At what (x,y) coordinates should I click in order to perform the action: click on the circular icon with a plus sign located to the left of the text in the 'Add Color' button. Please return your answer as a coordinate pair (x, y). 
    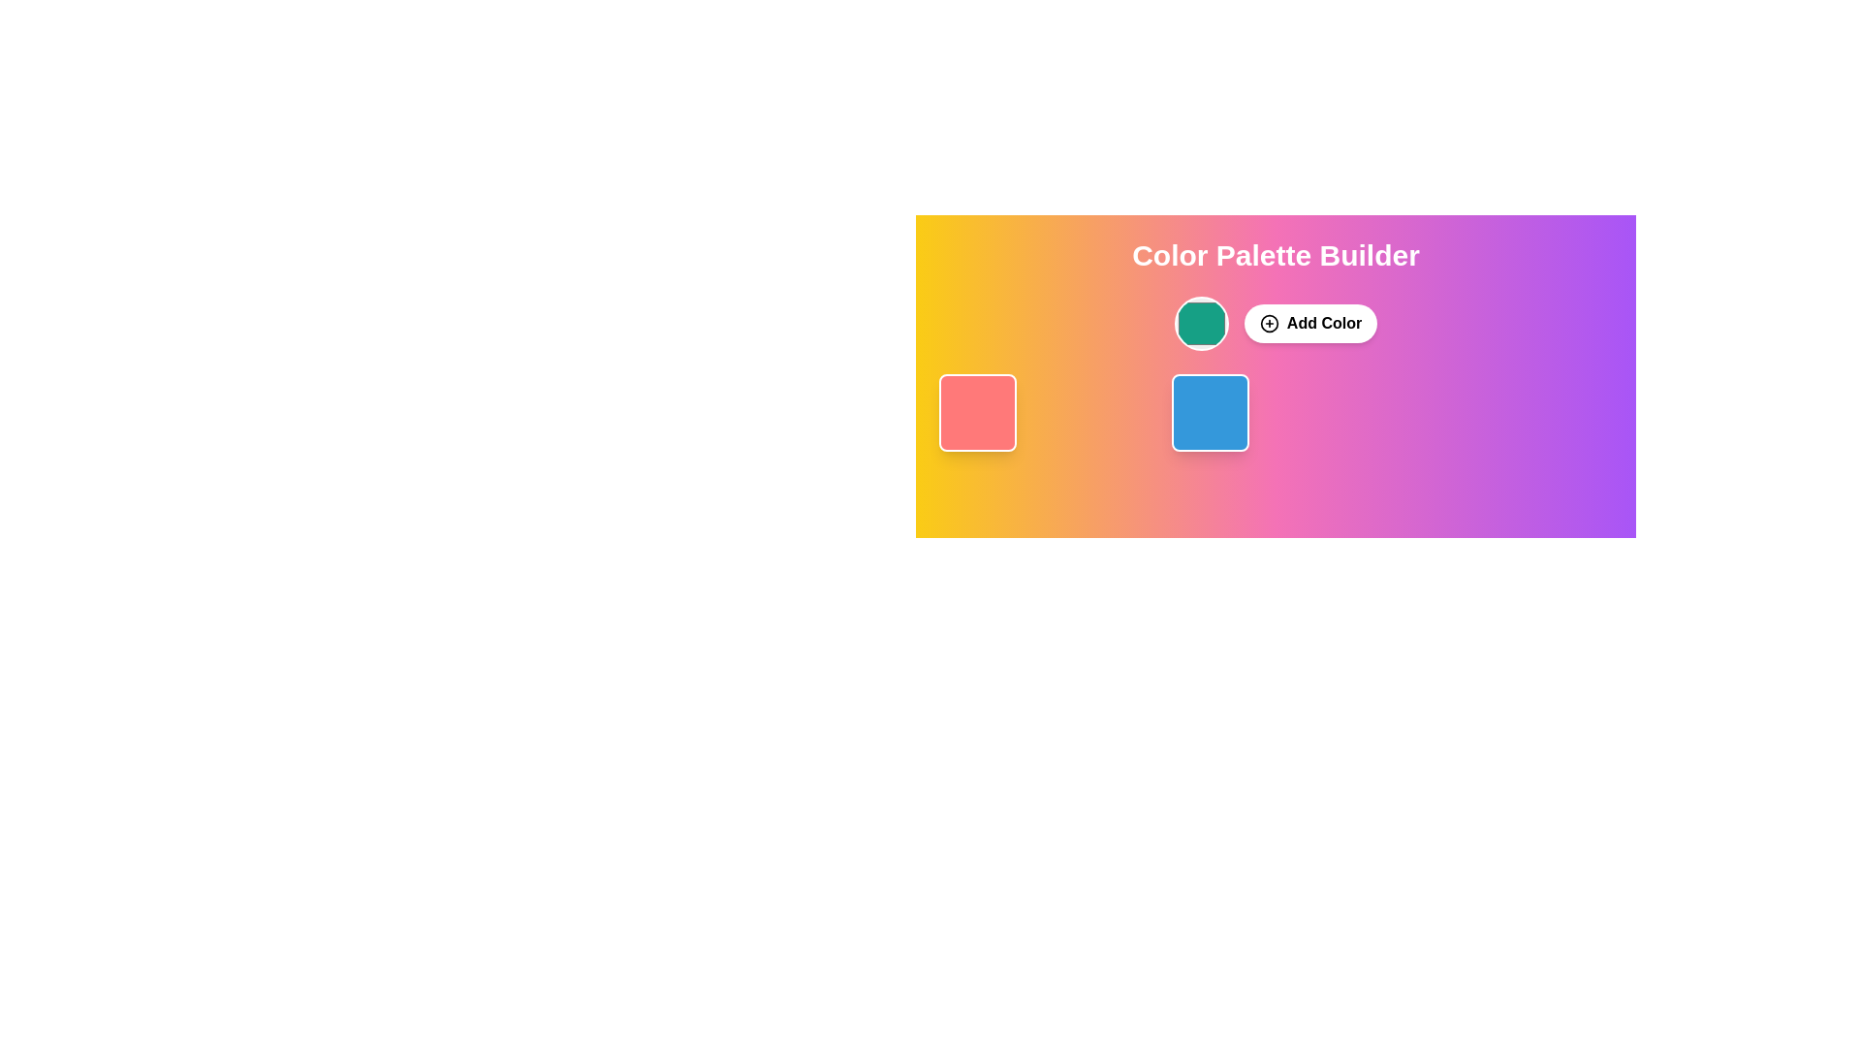
    Looking at the image, I should click on (1269, 323).